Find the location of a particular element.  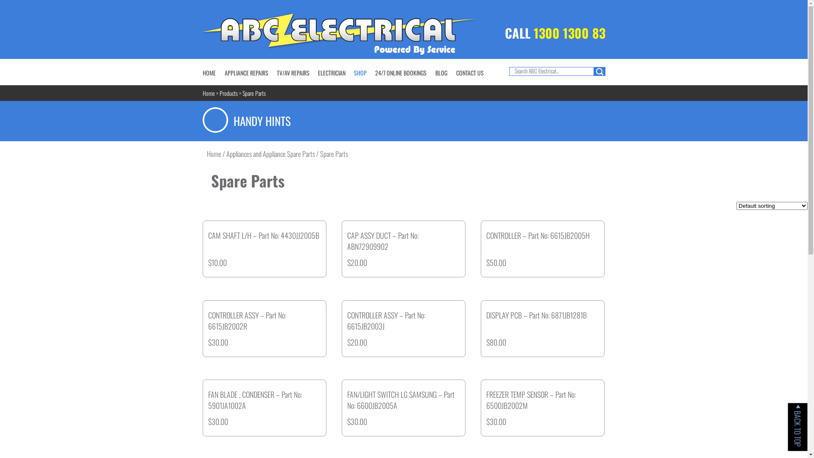

'24/7 ONLINE BOOKINGS' is located at coordinates (400, 72).